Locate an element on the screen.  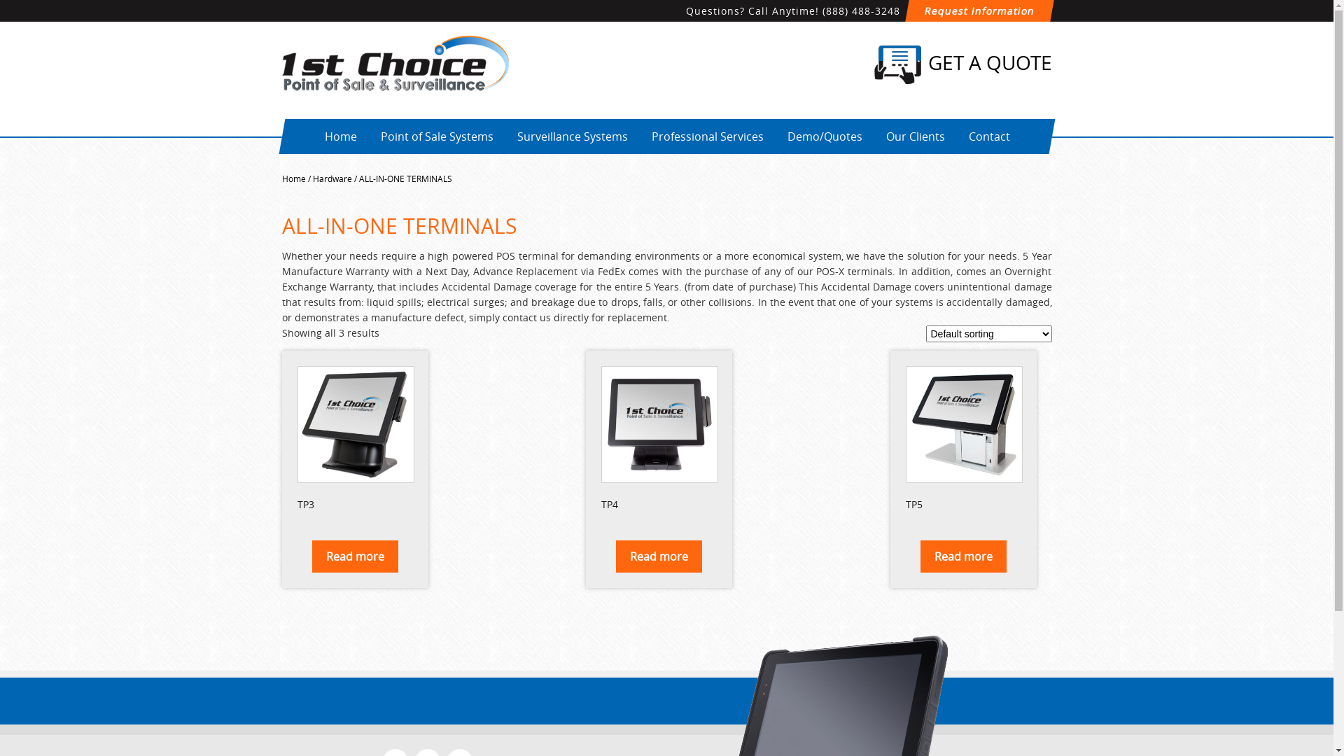
'Our Clients' is located at coordinates (874, 136).